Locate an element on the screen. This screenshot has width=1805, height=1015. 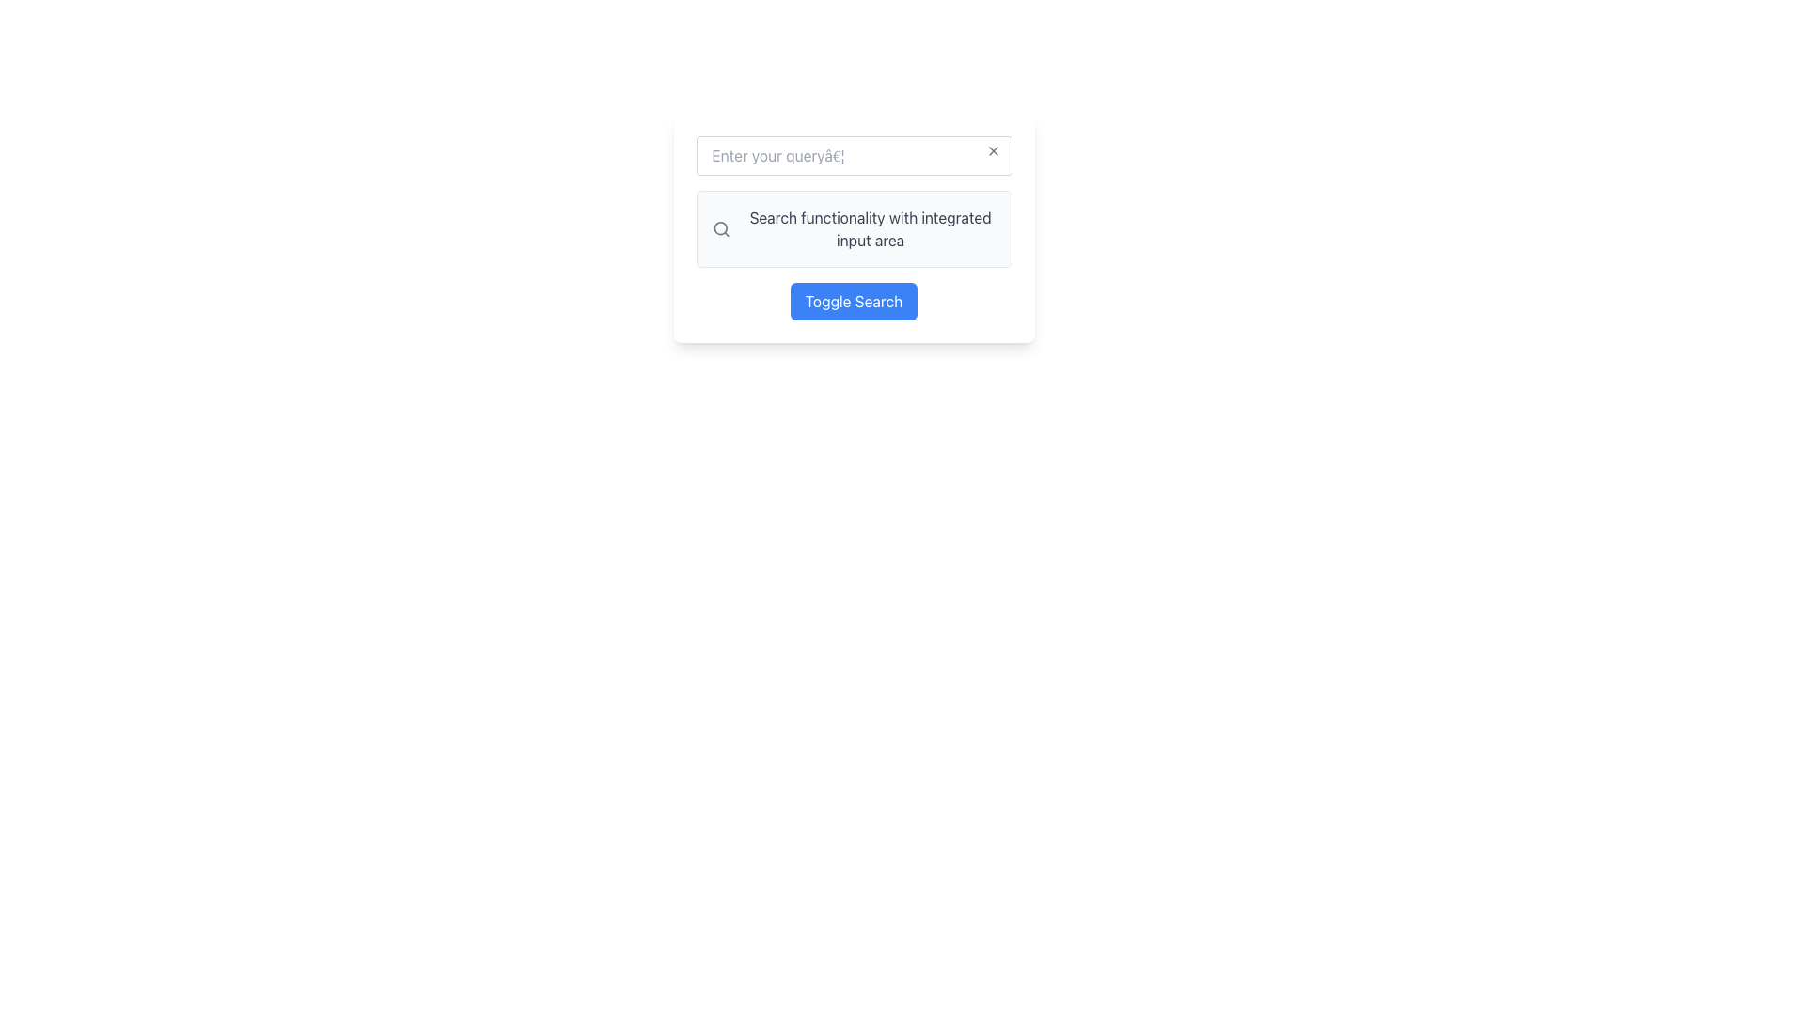
the clear button located at the top-right corner of the text input field to clear the input text is located at coordinates (992, 150).